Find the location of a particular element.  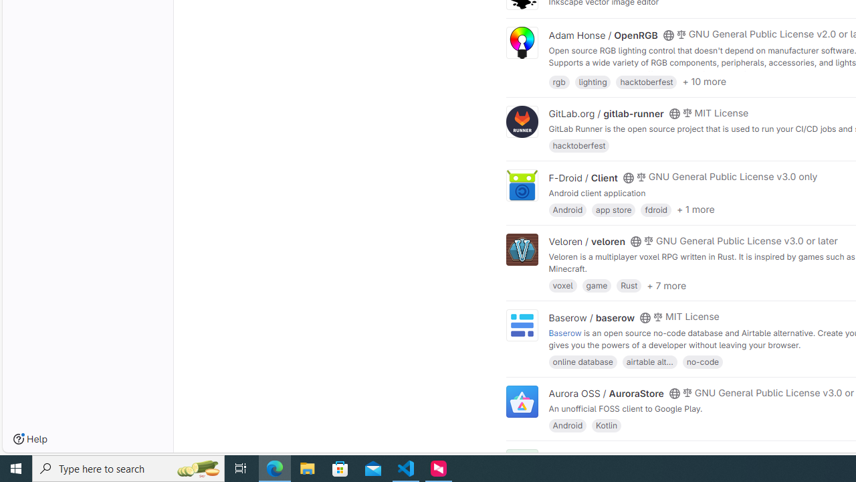

'no-code' is located at coordinates (702, 360).